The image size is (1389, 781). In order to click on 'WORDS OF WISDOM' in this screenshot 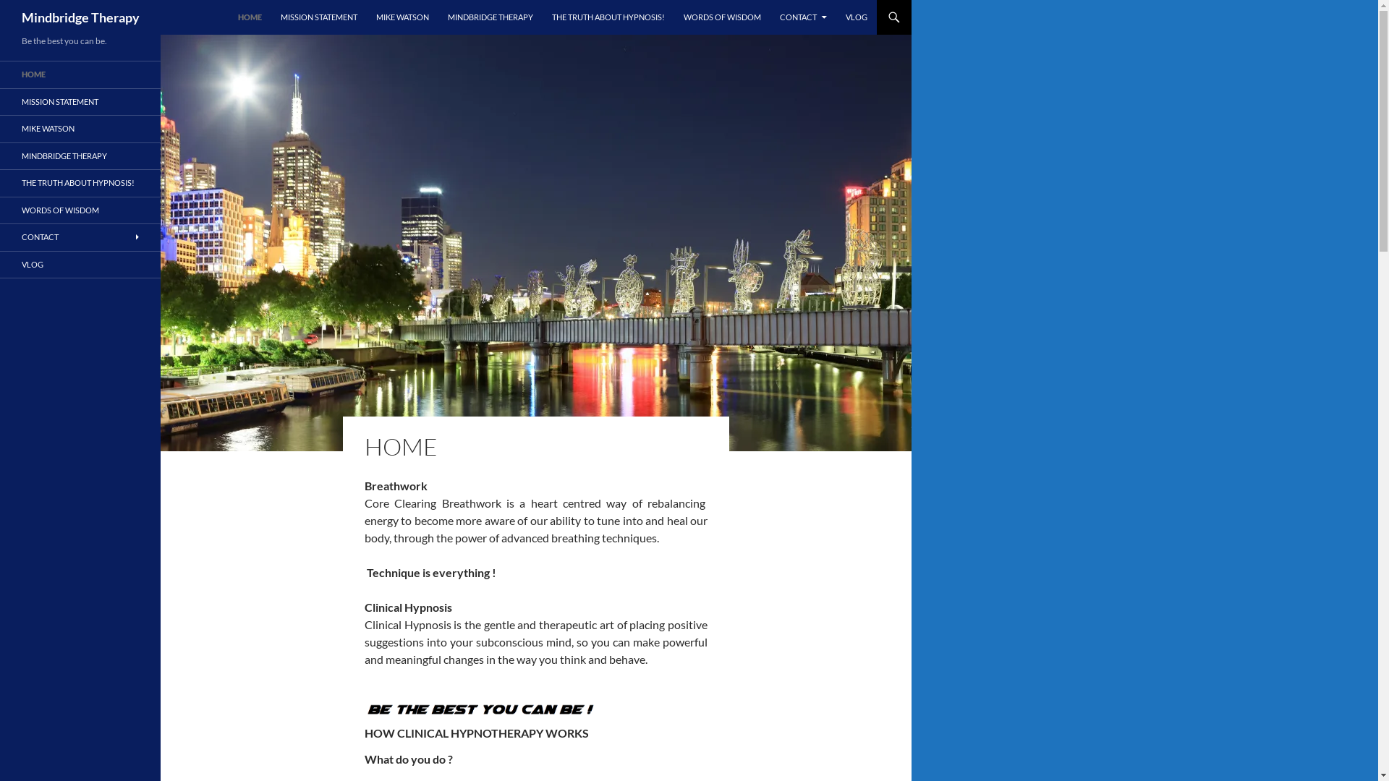, I will do `click(722, 17)`.